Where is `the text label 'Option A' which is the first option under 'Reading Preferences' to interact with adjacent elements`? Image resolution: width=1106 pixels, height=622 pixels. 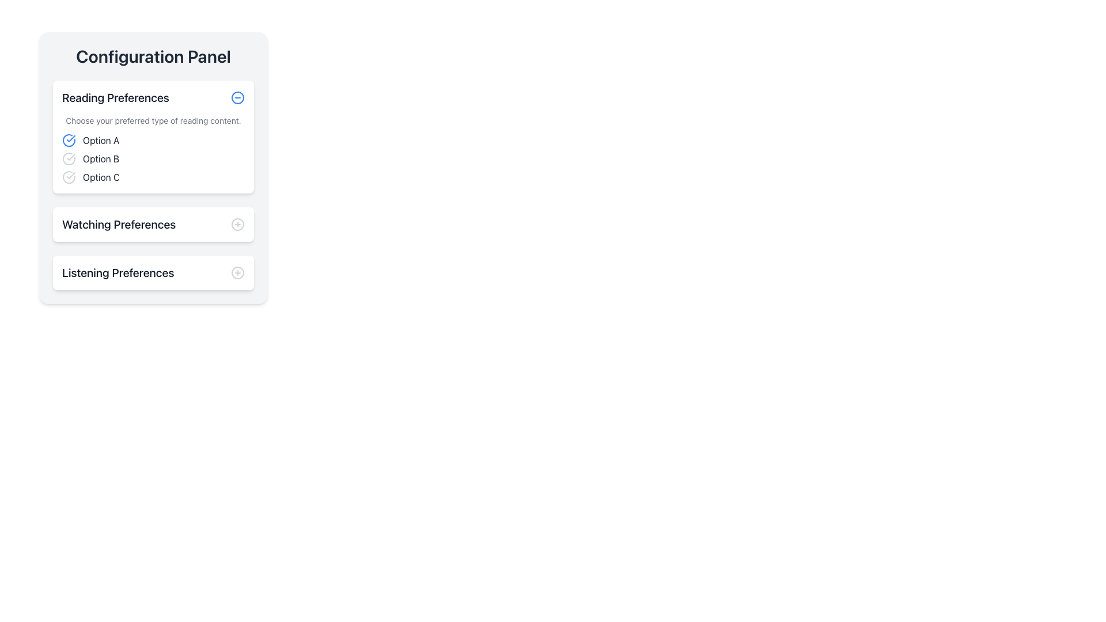 the text label 'Option A' which is the first option under 'Reading Preferences' to interact with adjacent elements is located at coordinates (101, 139).